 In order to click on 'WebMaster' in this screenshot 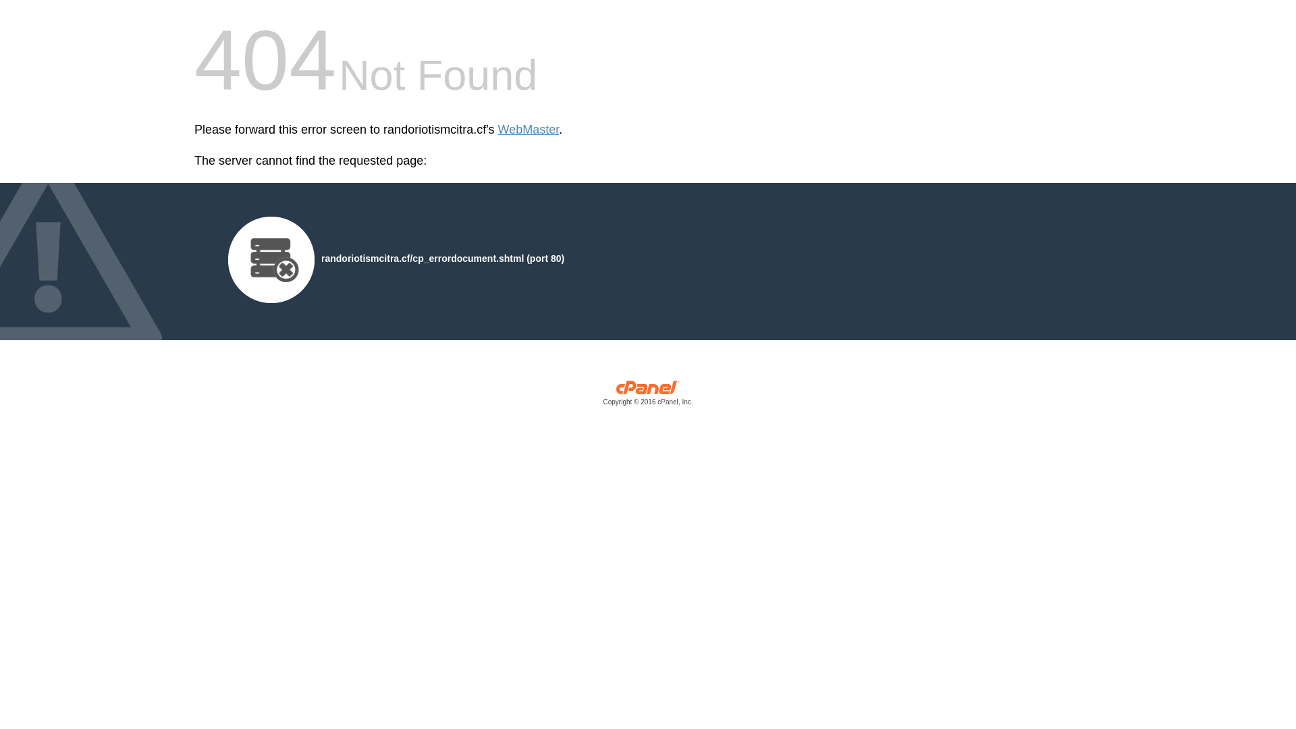, I will do `click(528, 130)`.